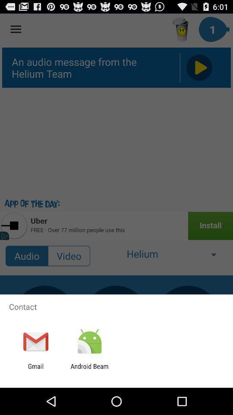 The height and width of the screenshot is (415, 233). I want to click on app next to the android beam icon, so click(35, 370).